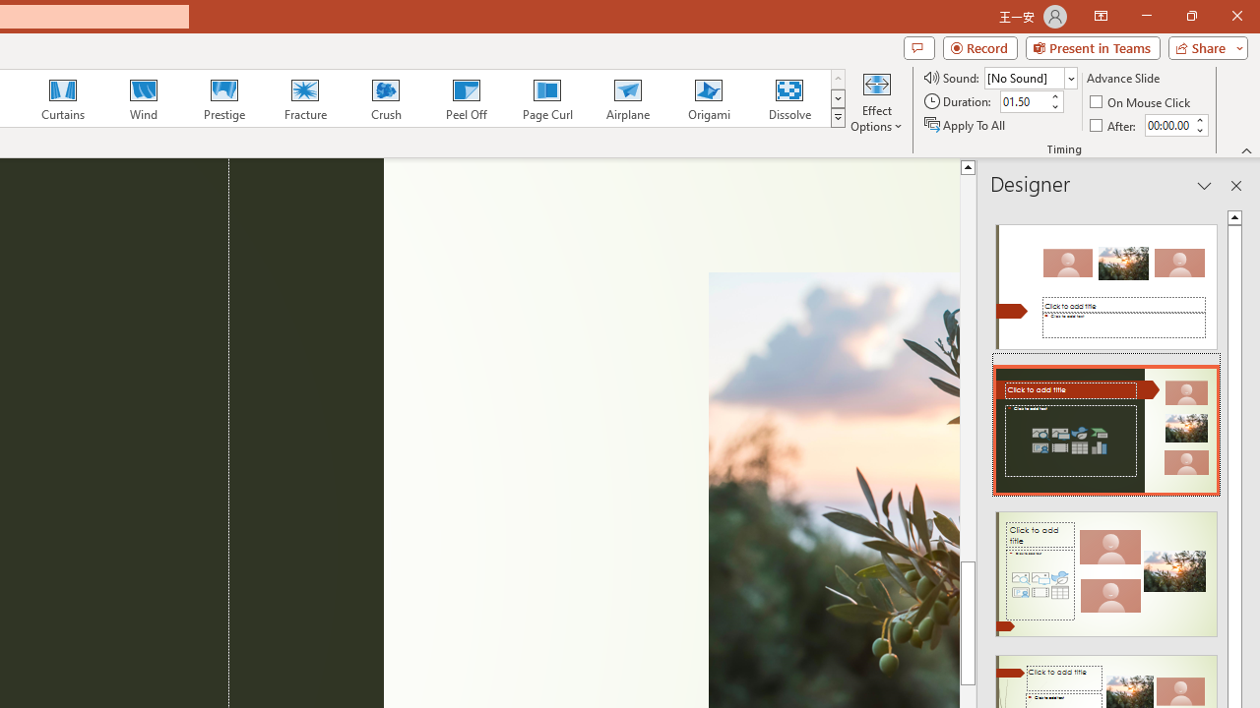 The image size is (1260, 708). Describe the element at coordinates (1198, 119) in the screenshot. I see `'More'` at that location.